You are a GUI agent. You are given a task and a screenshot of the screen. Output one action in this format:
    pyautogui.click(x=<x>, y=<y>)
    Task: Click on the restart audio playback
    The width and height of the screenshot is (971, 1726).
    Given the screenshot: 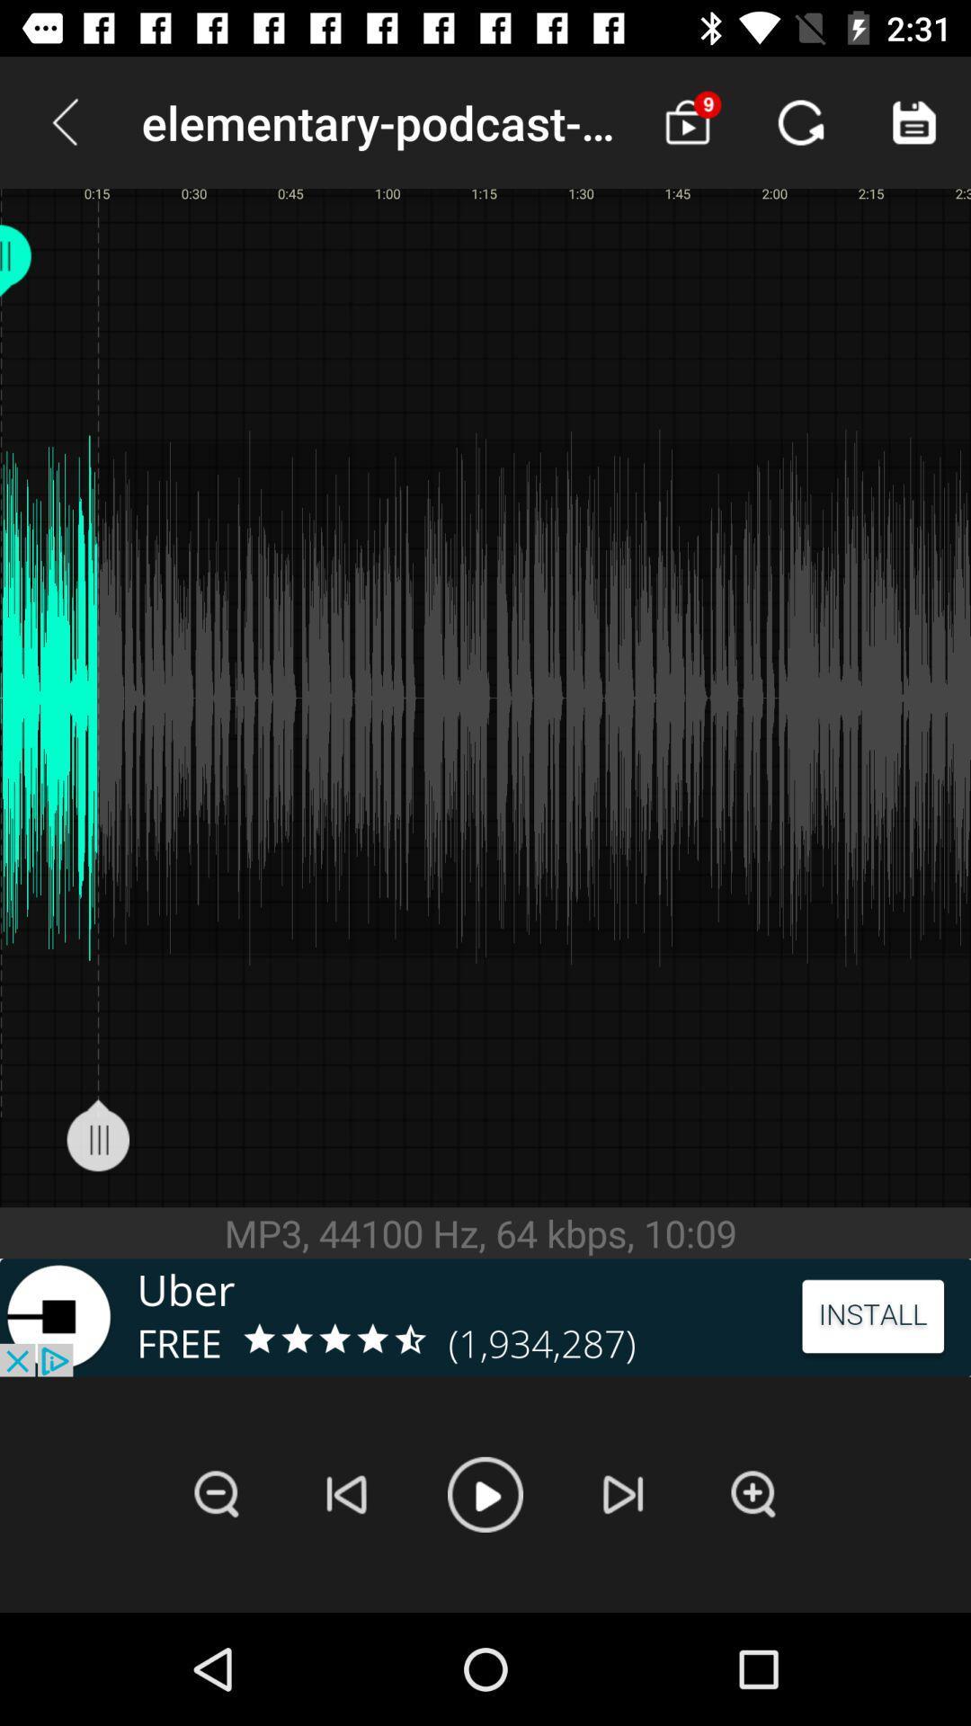 What is the action you would take?
    pyautogui.click(x=347, y=1494)
    